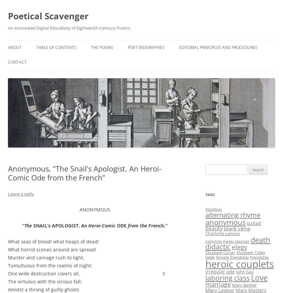  Describe the element at coordinates (45, 281) in the screenshot. I see `'The virtuous with the vicious fall;'` at that location.